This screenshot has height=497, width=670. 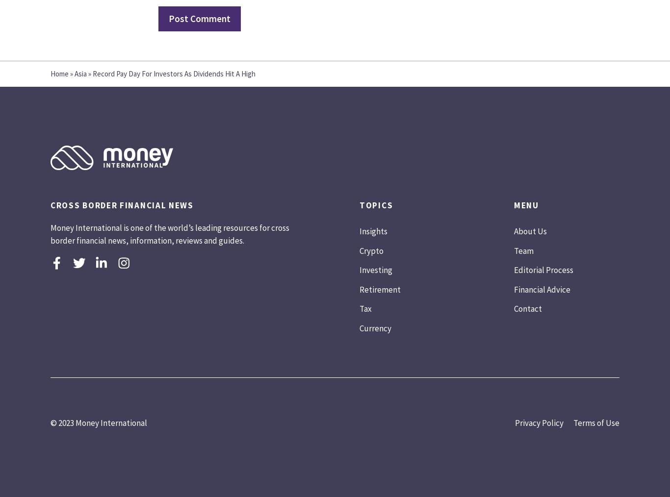 I want to click on 'Privacy Policy', so click(x=539, y=422).